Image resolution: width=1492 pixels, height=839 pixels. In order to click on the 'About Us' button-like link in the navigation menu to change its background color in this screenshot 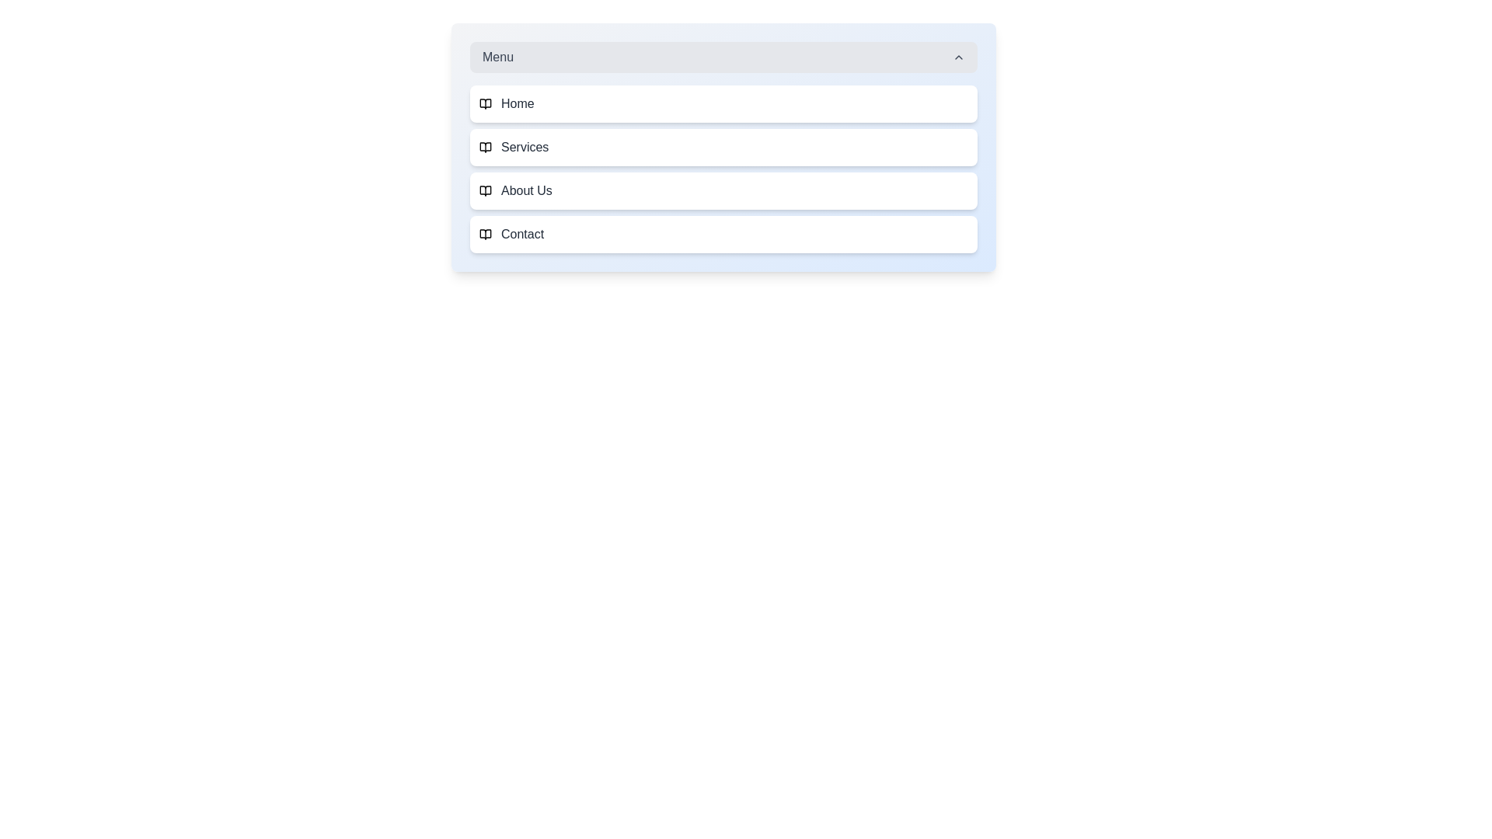, I will do `click(723, 190)`.